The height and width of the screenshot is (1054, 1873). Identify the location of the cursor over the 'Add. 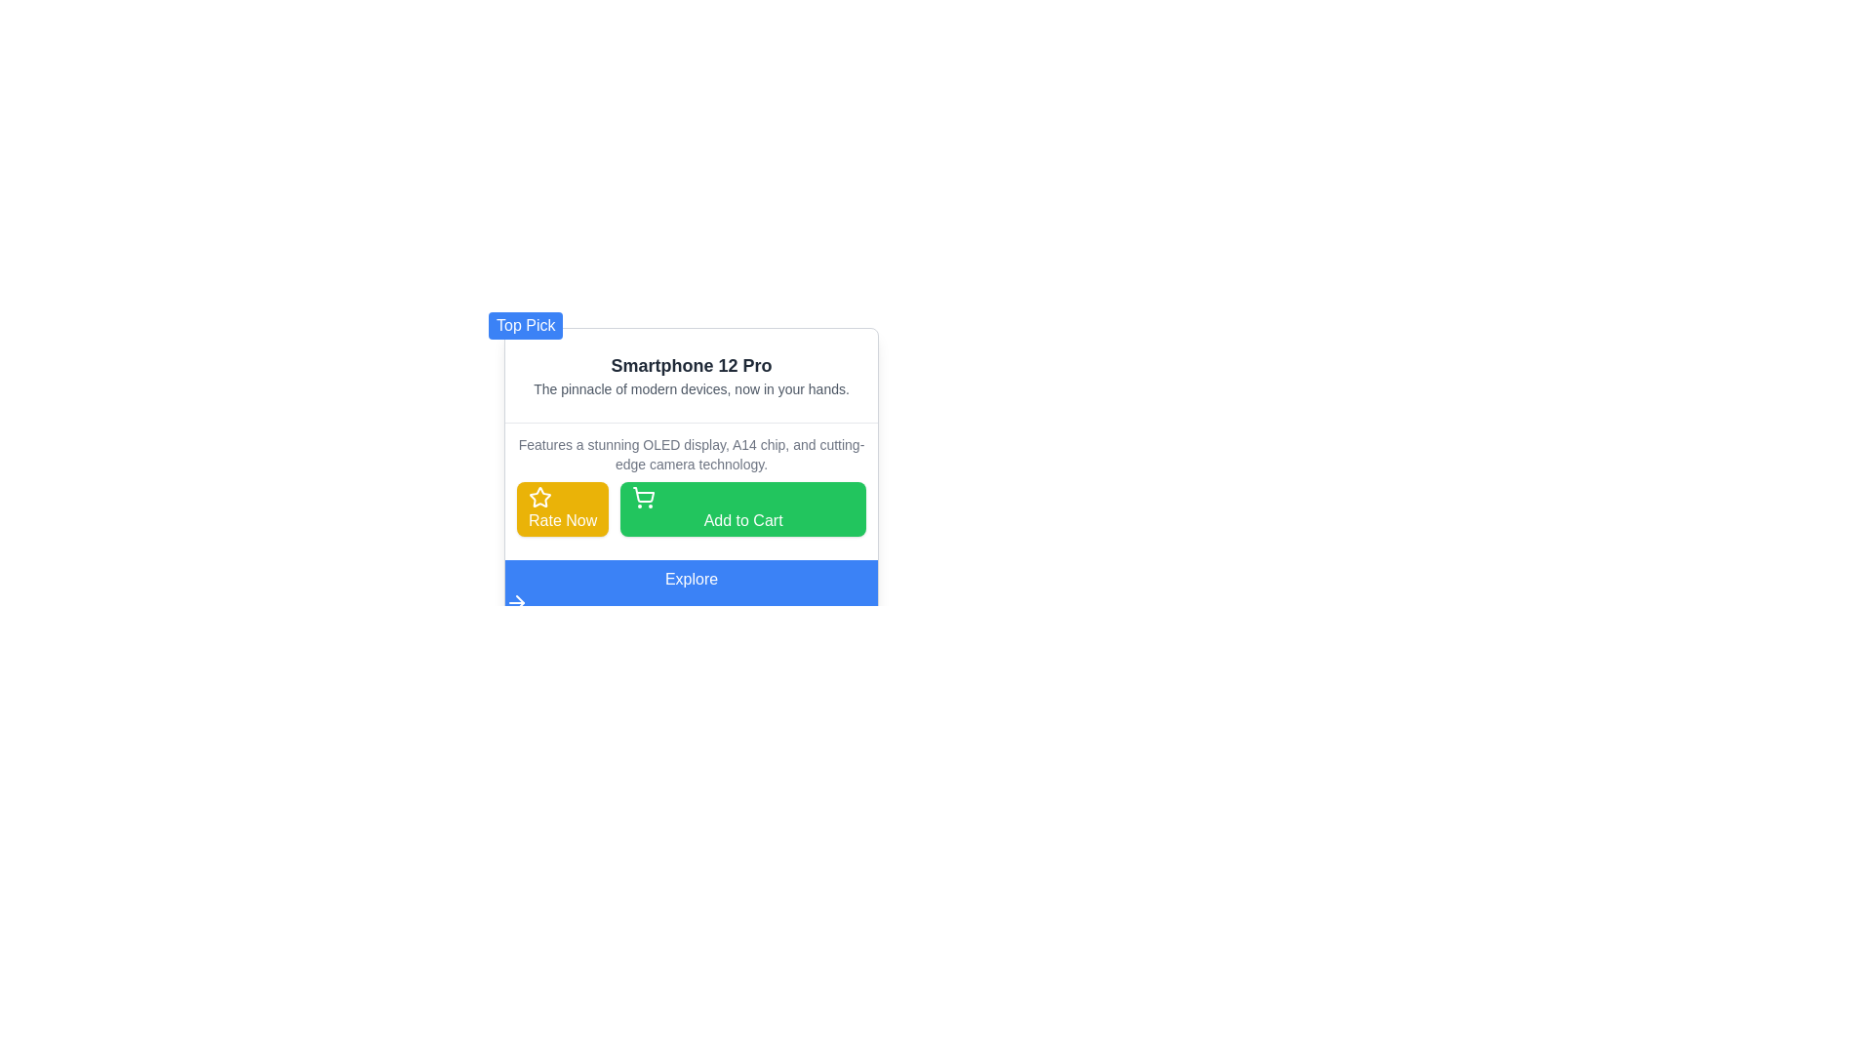
(742, 507).